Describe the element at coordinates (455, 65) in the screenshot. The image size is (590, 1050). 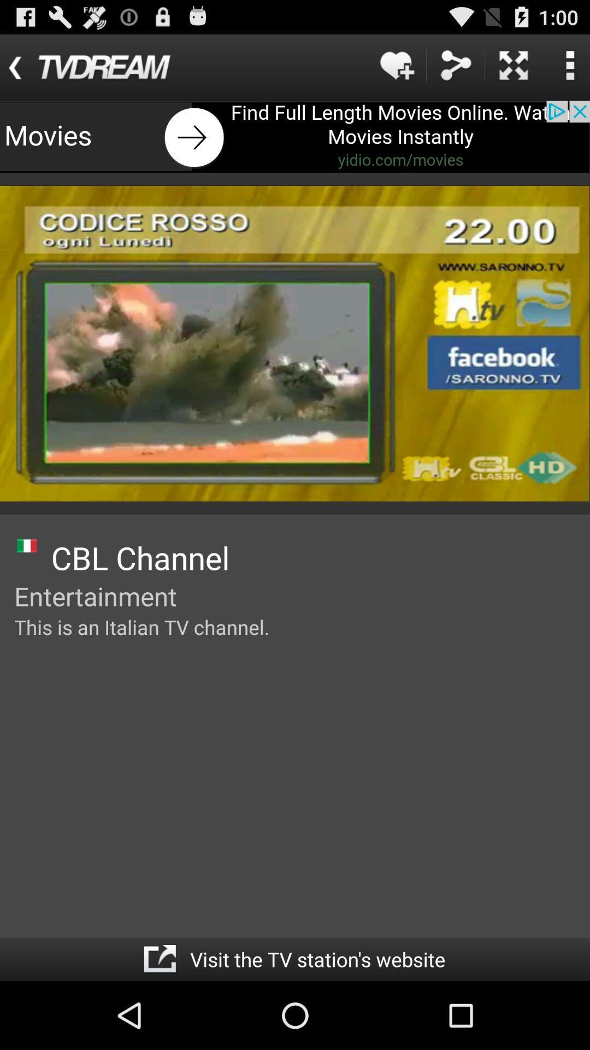
I see `share the file` at that location.